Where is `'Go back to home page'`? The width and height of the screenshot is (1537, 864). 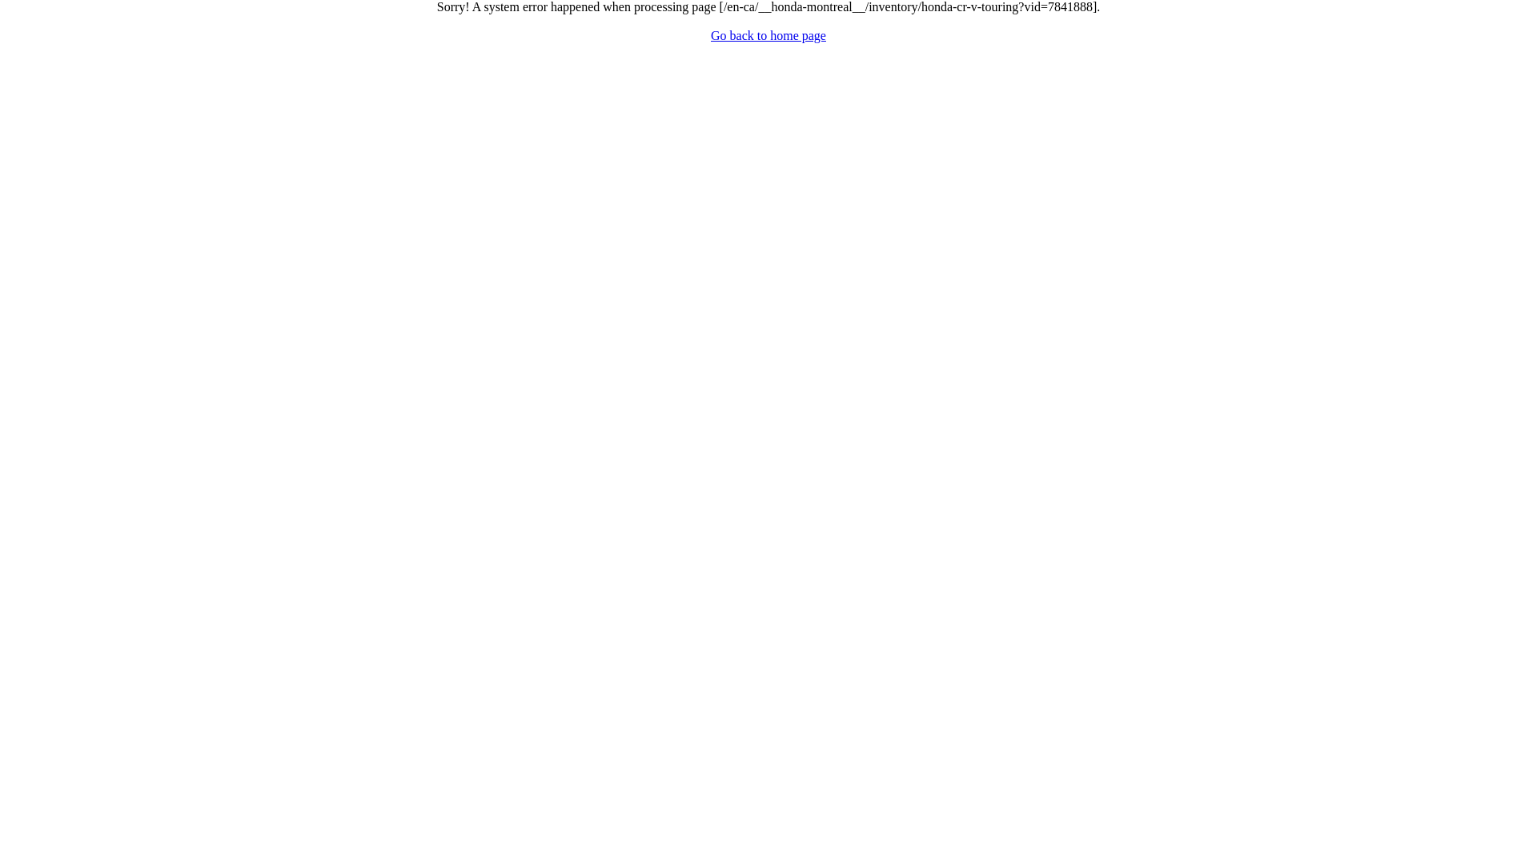 'Go back to home page' is located at coordinates (768, 35).